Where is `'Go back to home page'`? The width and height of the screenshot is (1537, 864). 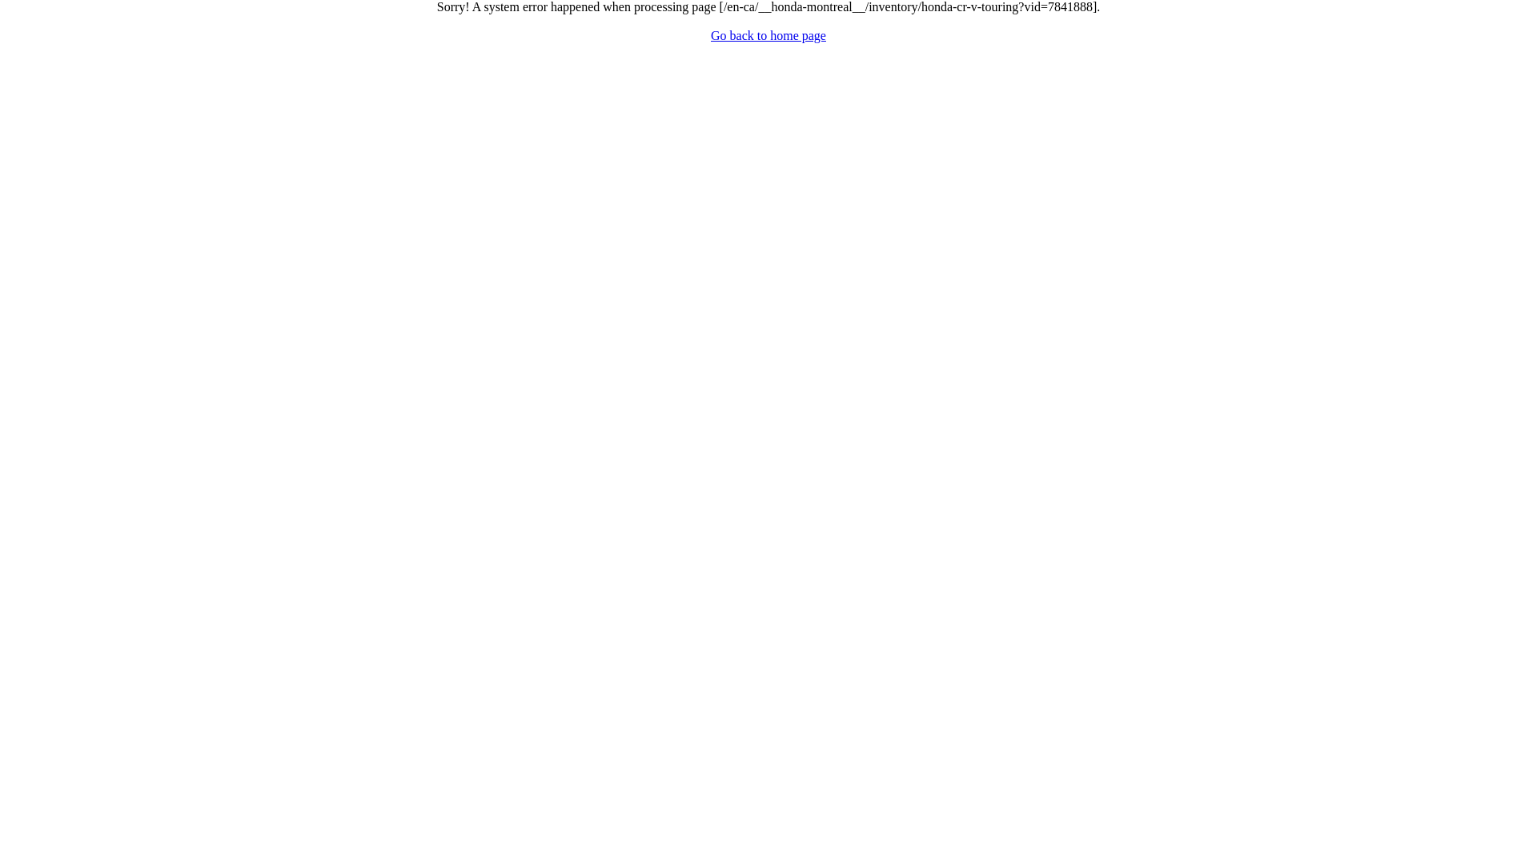 'Go back to home page' is located at coordinates (768, 35).